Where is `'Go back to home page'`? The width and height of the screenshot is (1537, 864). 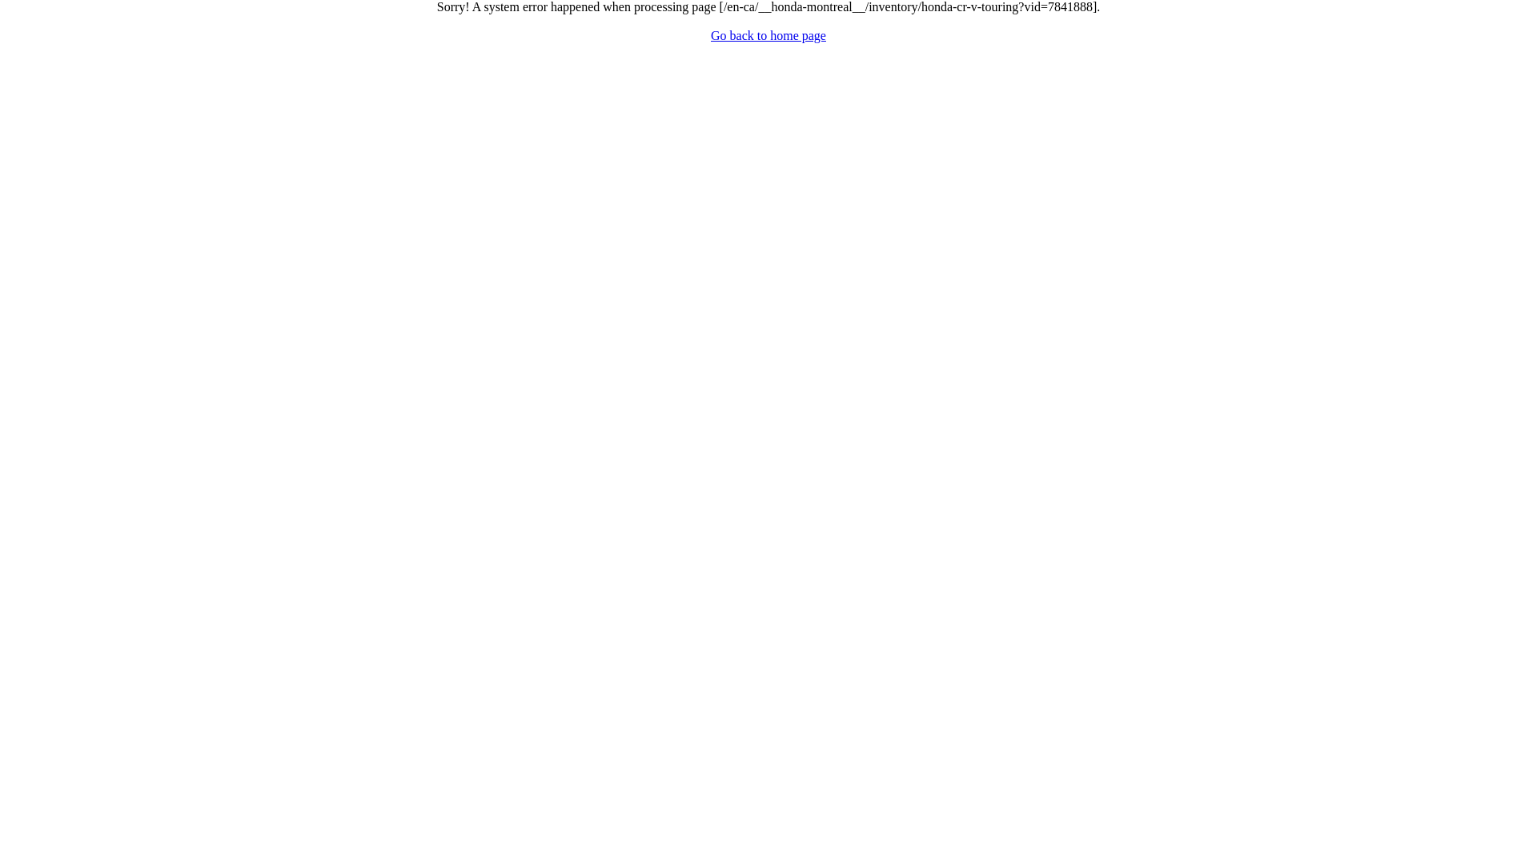 'Go back to home page' is located at coordinates (768, 35).